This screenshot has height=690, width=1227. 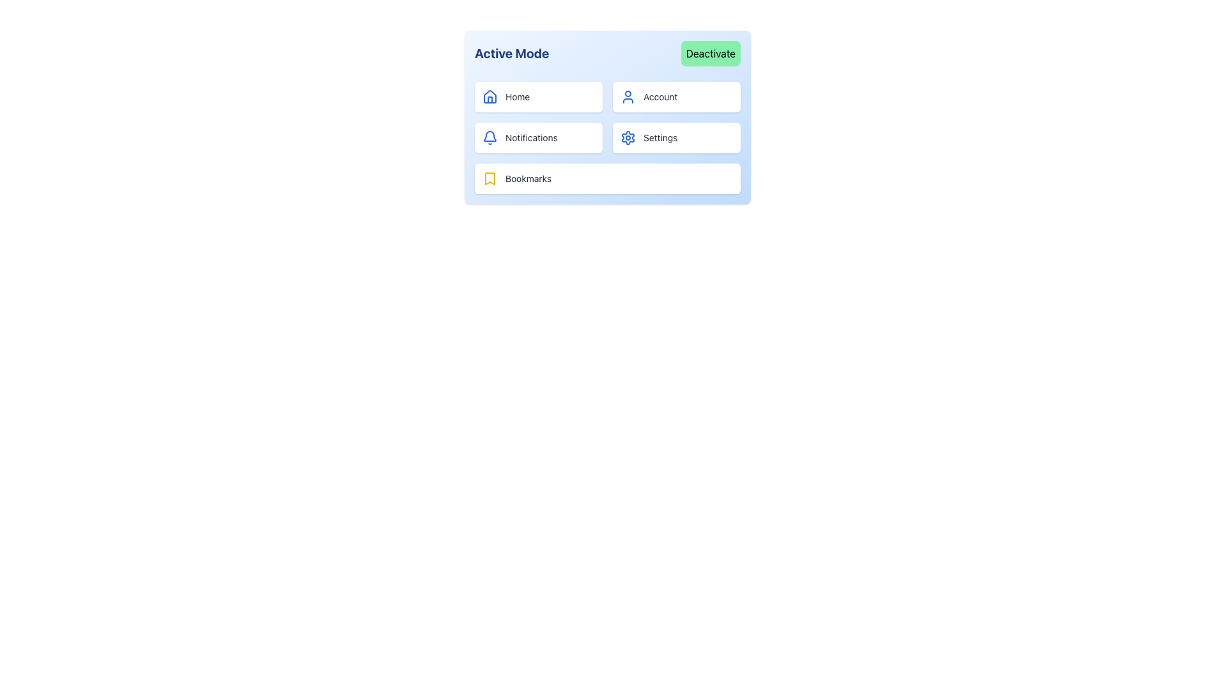 What do you see at coordinates (490, 96) in the screenshot?
I see `the 'Home' icon located in the upper-left portion of the interface` at bounding box center [490, 96].